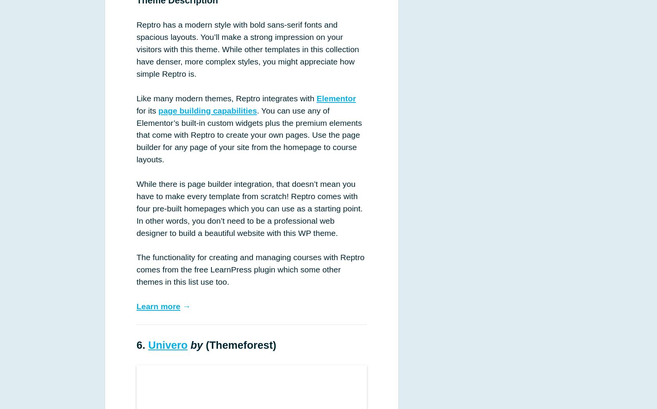  What do you see at coordinates (207, 110) in the screenshot?
I see `'page building capabilities'` at bounding box center [207, 110].